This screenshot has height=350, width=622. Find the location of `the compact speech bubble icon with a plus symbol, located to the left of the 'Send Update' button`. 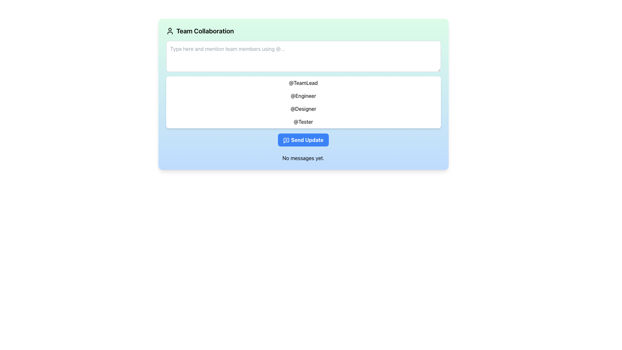

the compact speech bubble icon with a plus symbol, located to the left of the 'Send Update' button is located at coordinates (286, 140).